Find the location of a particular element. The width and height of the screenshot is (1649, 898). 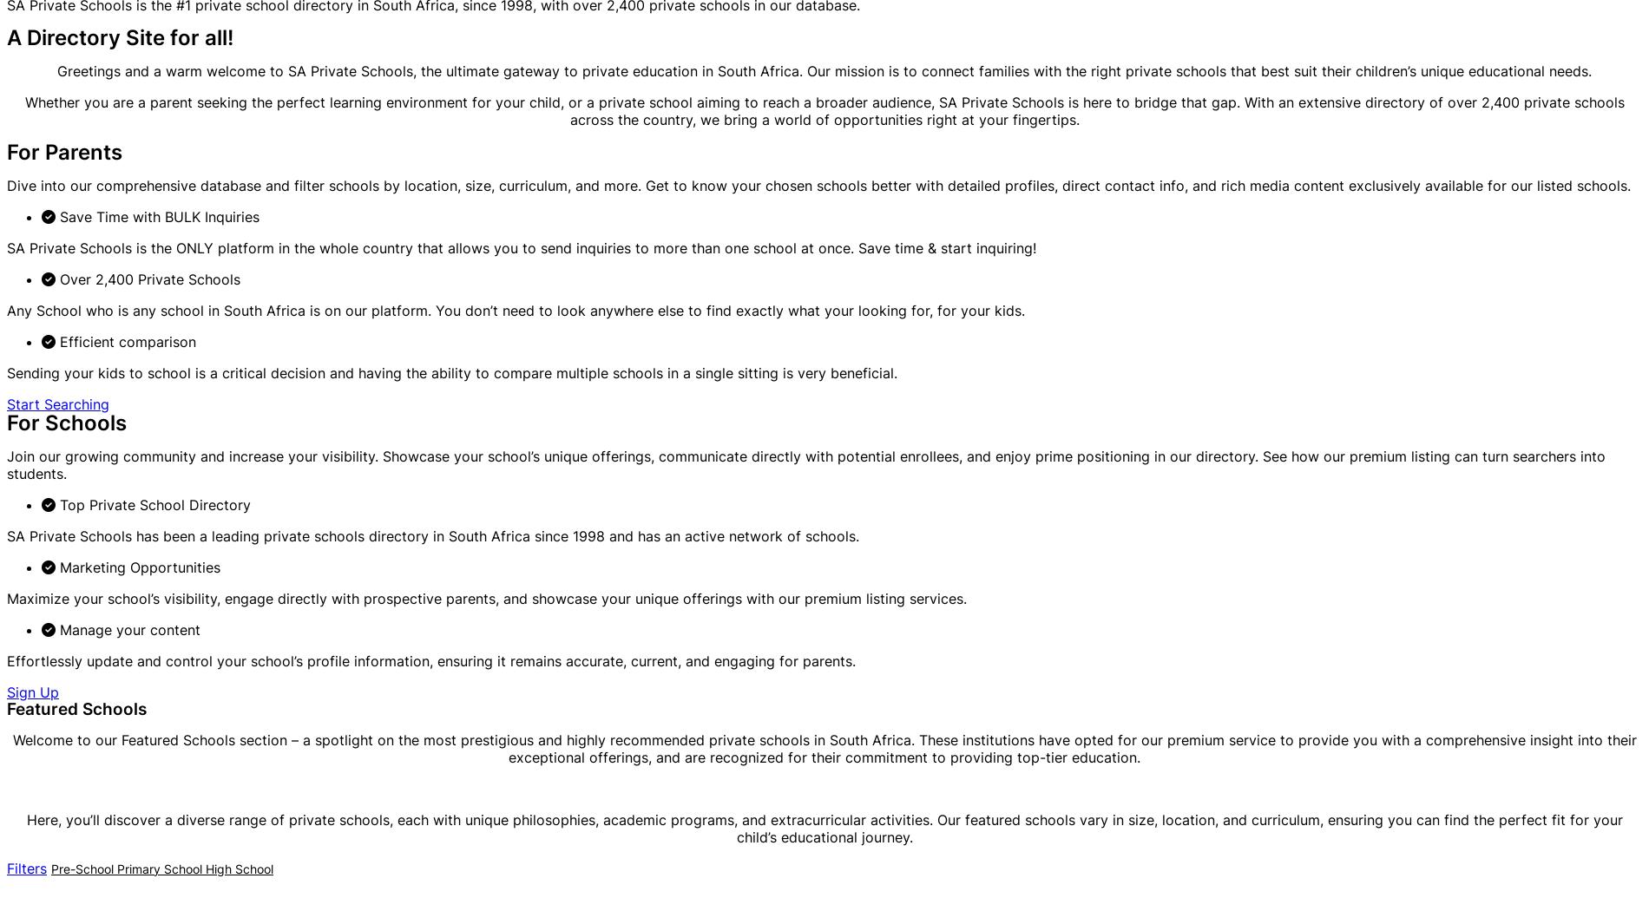

'Featured Schools' is located at coordinates (76, 707).